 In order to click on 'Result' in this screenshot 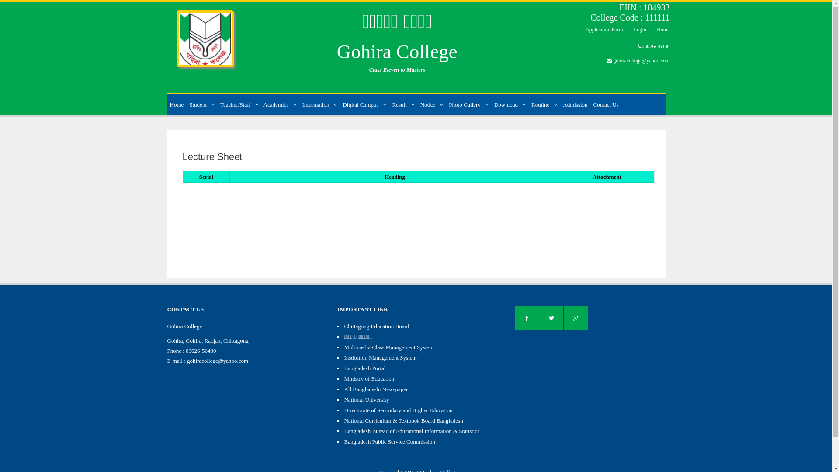, I will do `click(389, 104)`.